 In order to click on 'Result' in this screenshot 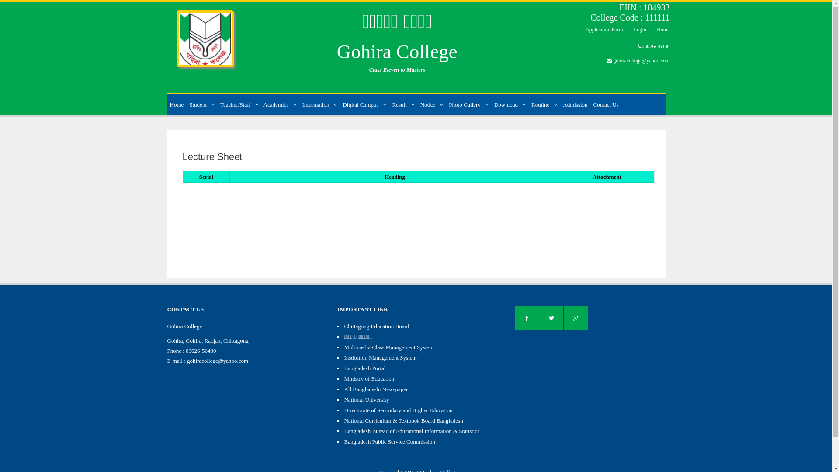, I will do `click(389, 104)`.